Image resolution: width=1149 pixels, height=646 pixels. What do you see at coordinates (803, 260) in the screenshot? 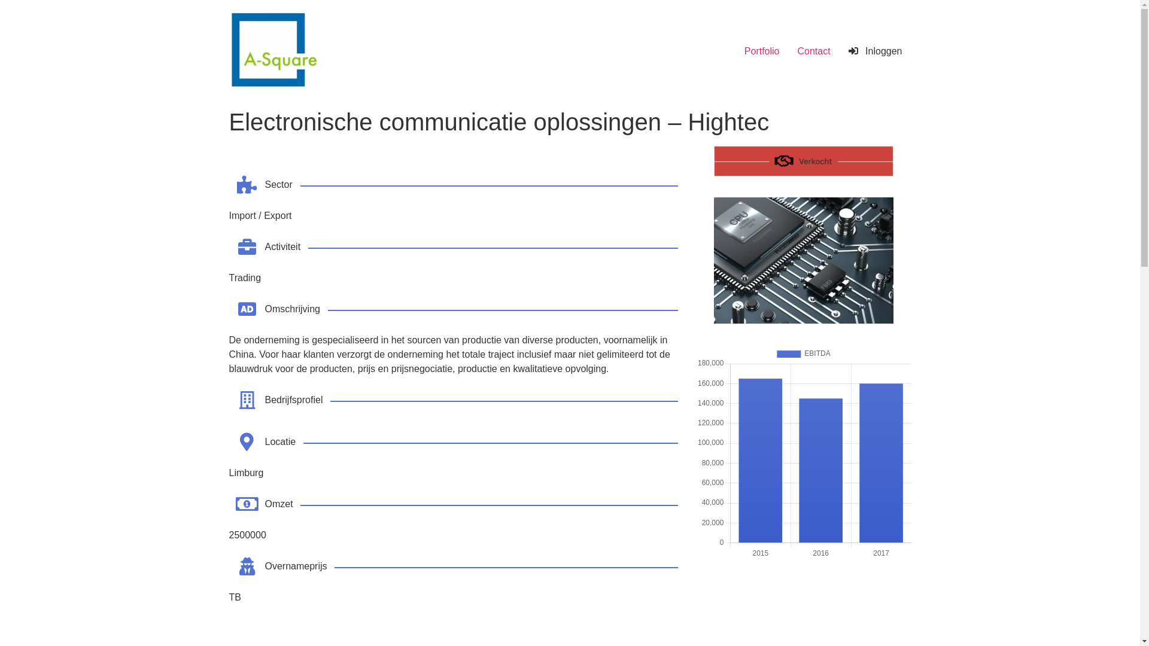
I see `'d1dd8f27-c141-33ac-586f-3cbe076c2361'` at bounding box center [803, 260].